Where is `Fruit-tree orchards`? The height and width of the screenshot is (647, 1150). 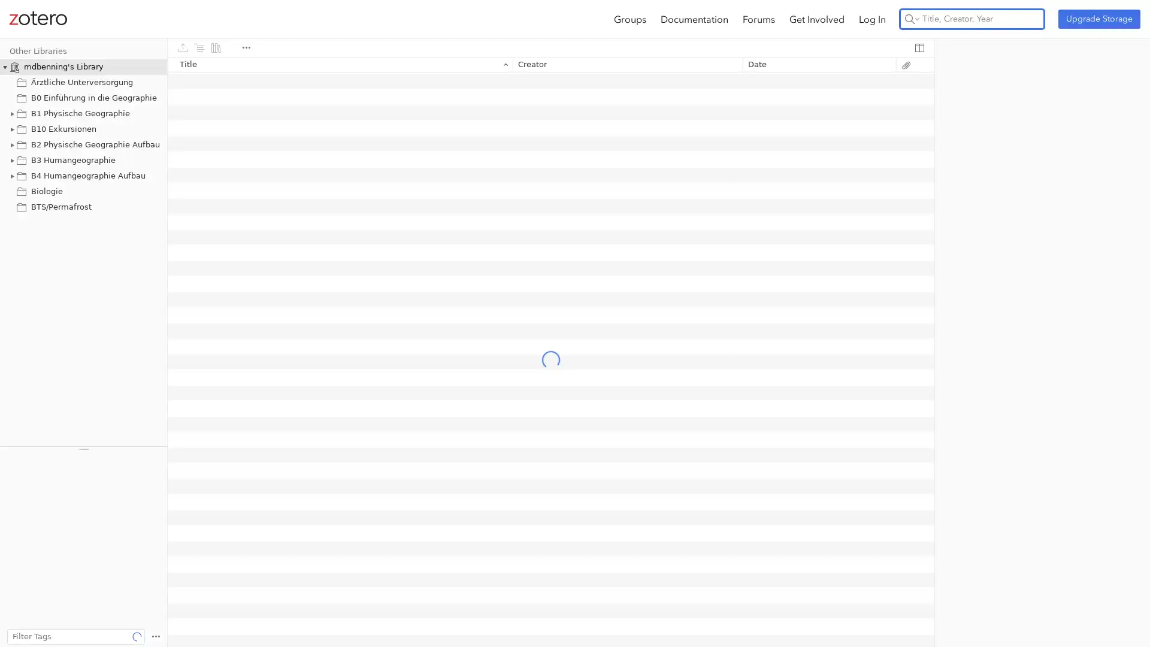 Fruit-tree orchards is located at coordinates (43, 586).